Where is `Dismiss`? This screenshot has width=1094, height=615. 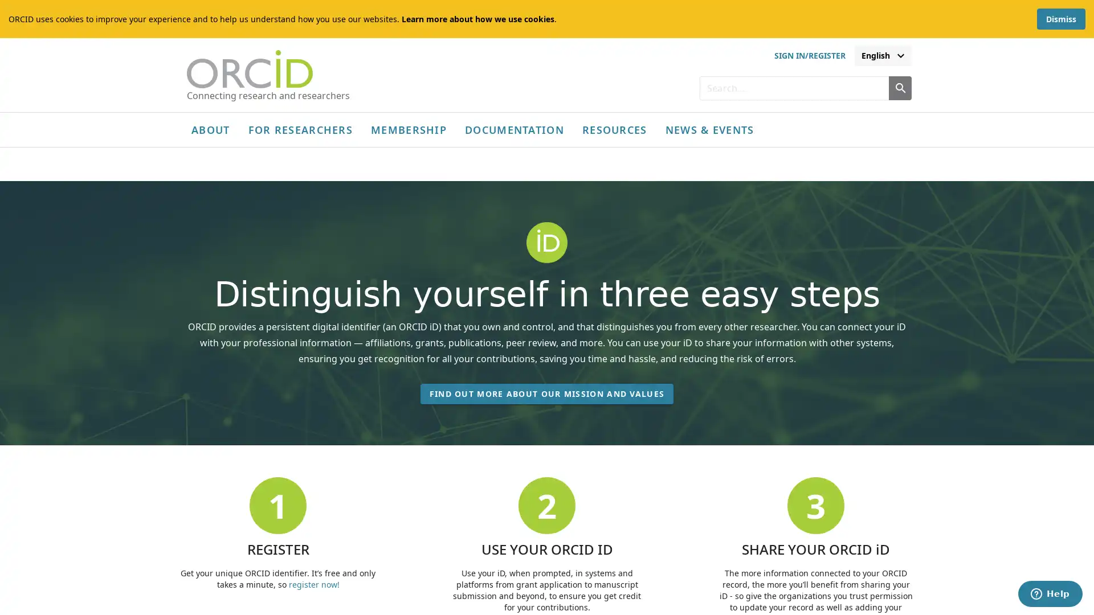
Dismiss is located at coordinates (1060, 19).